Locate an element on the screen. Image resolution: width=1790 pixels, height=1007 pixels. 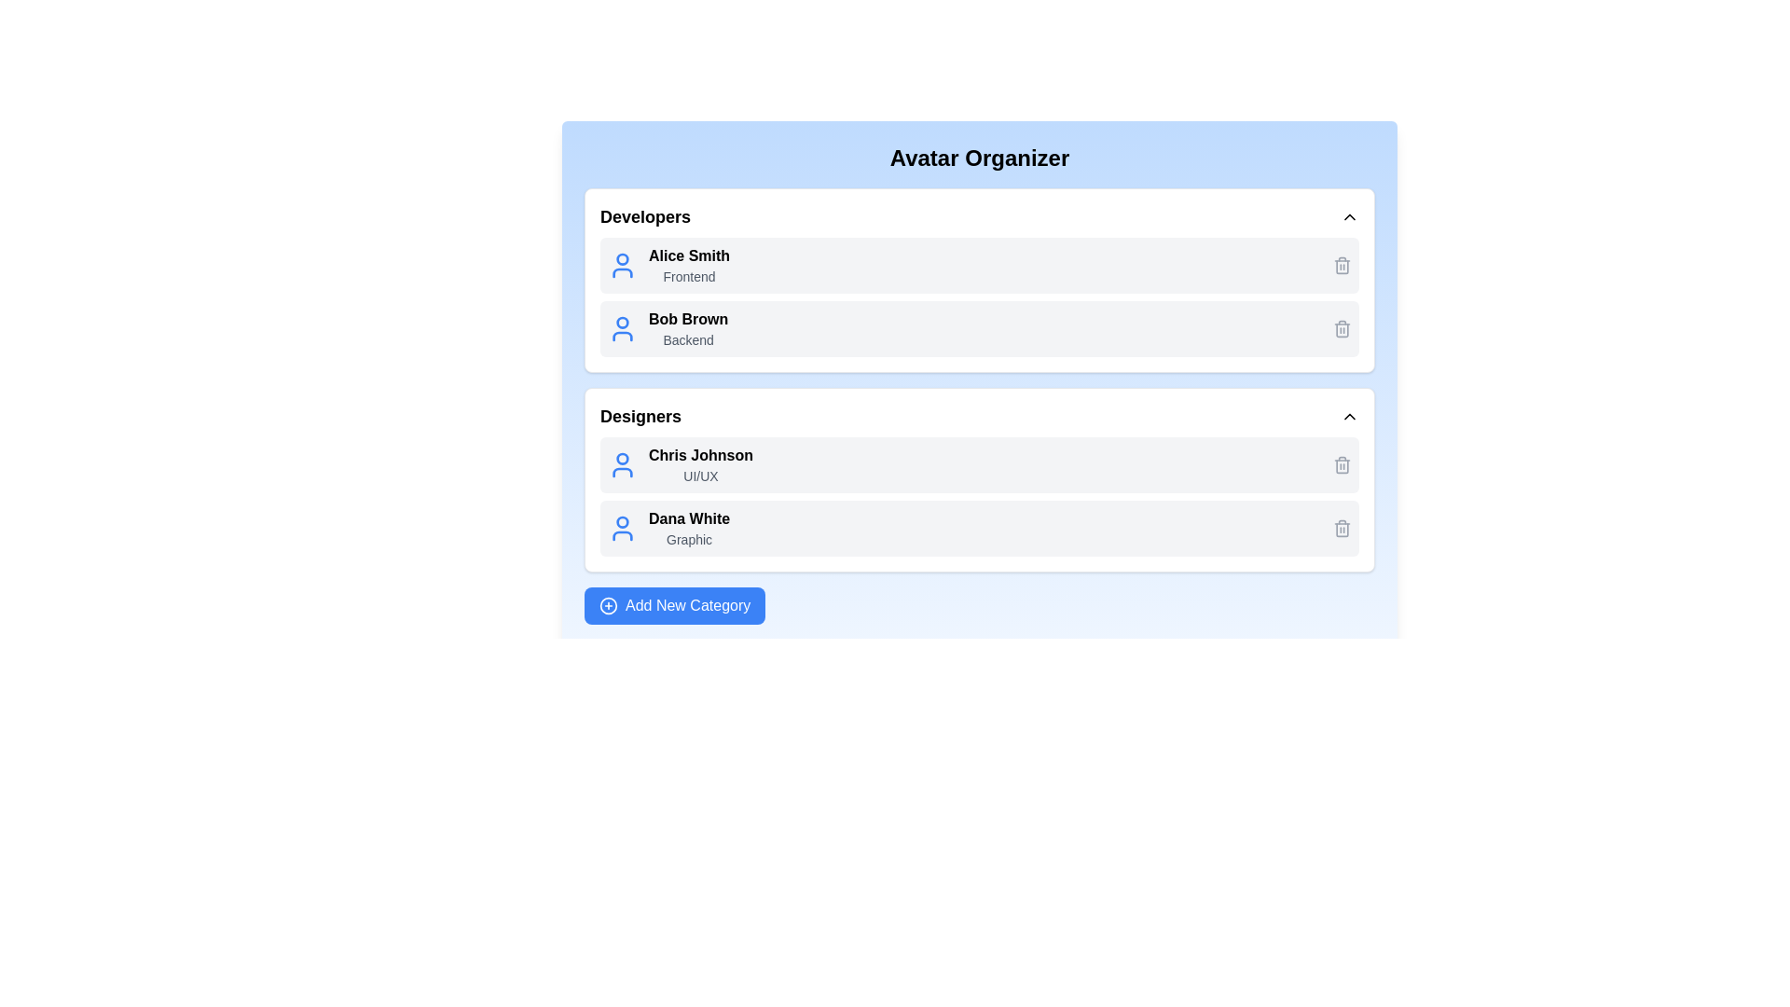
the text label displaying the name 'Dana White', which serves as an identifier in the UI is located at coordinates (688, 518).